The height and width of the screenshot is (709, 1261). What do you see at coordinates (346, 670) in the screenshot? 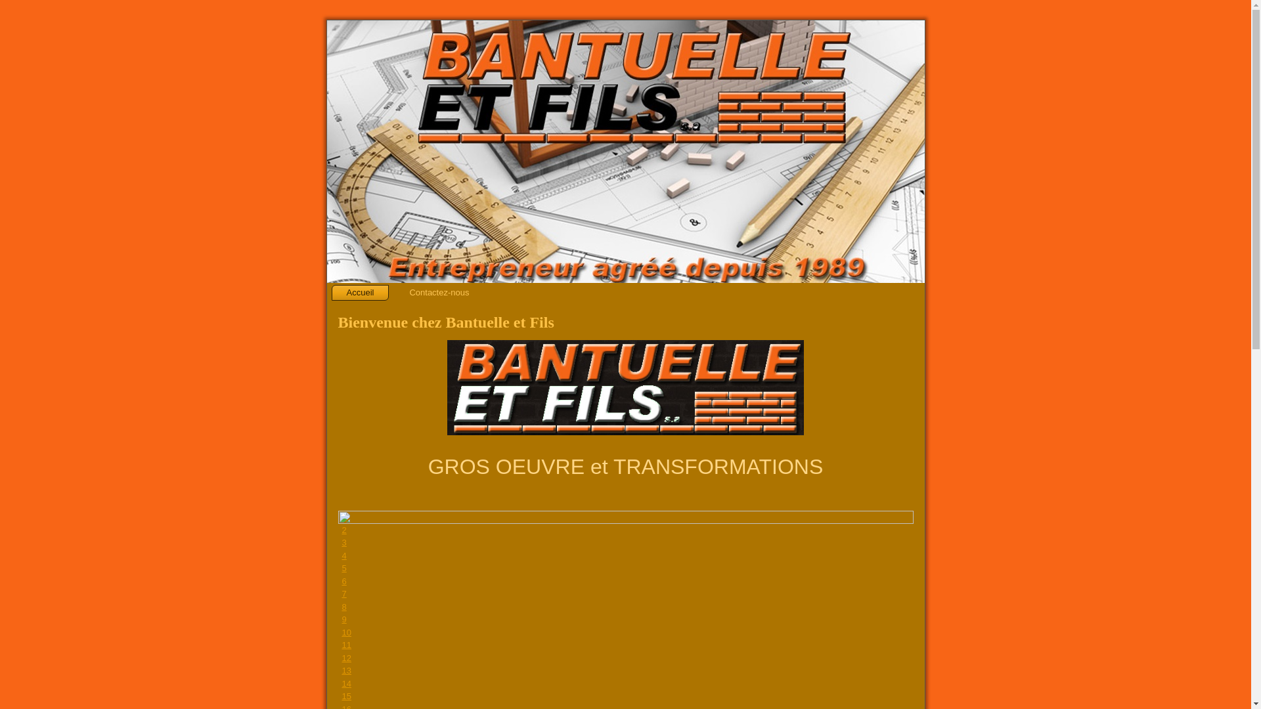
I see `'13'` at bounding box center [346, 670].